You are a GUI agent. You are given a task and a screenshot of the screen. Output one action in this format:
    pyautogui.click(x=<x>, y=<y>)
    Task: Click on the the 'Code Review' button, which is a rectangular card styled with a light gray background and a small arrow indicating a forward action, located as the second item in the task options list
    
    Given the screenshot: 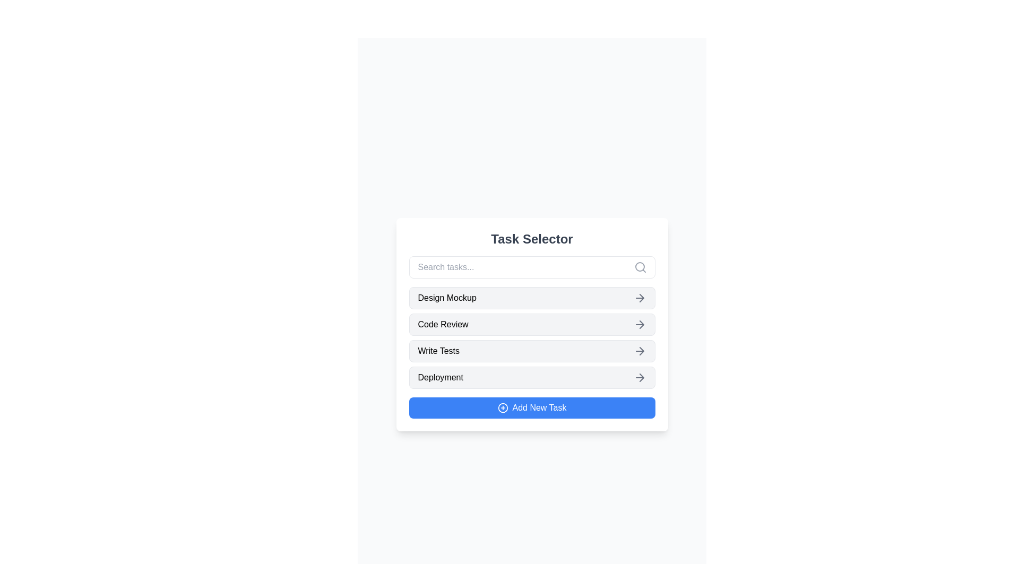 What is the action you would take?
    pyautogui.click(x=532, y=324)
    